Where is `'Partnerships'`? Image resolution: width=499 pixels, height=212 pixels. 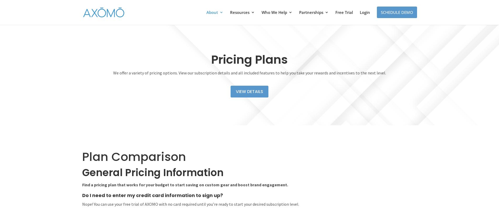
'Partnerships' is located at coordinates (311, 12).